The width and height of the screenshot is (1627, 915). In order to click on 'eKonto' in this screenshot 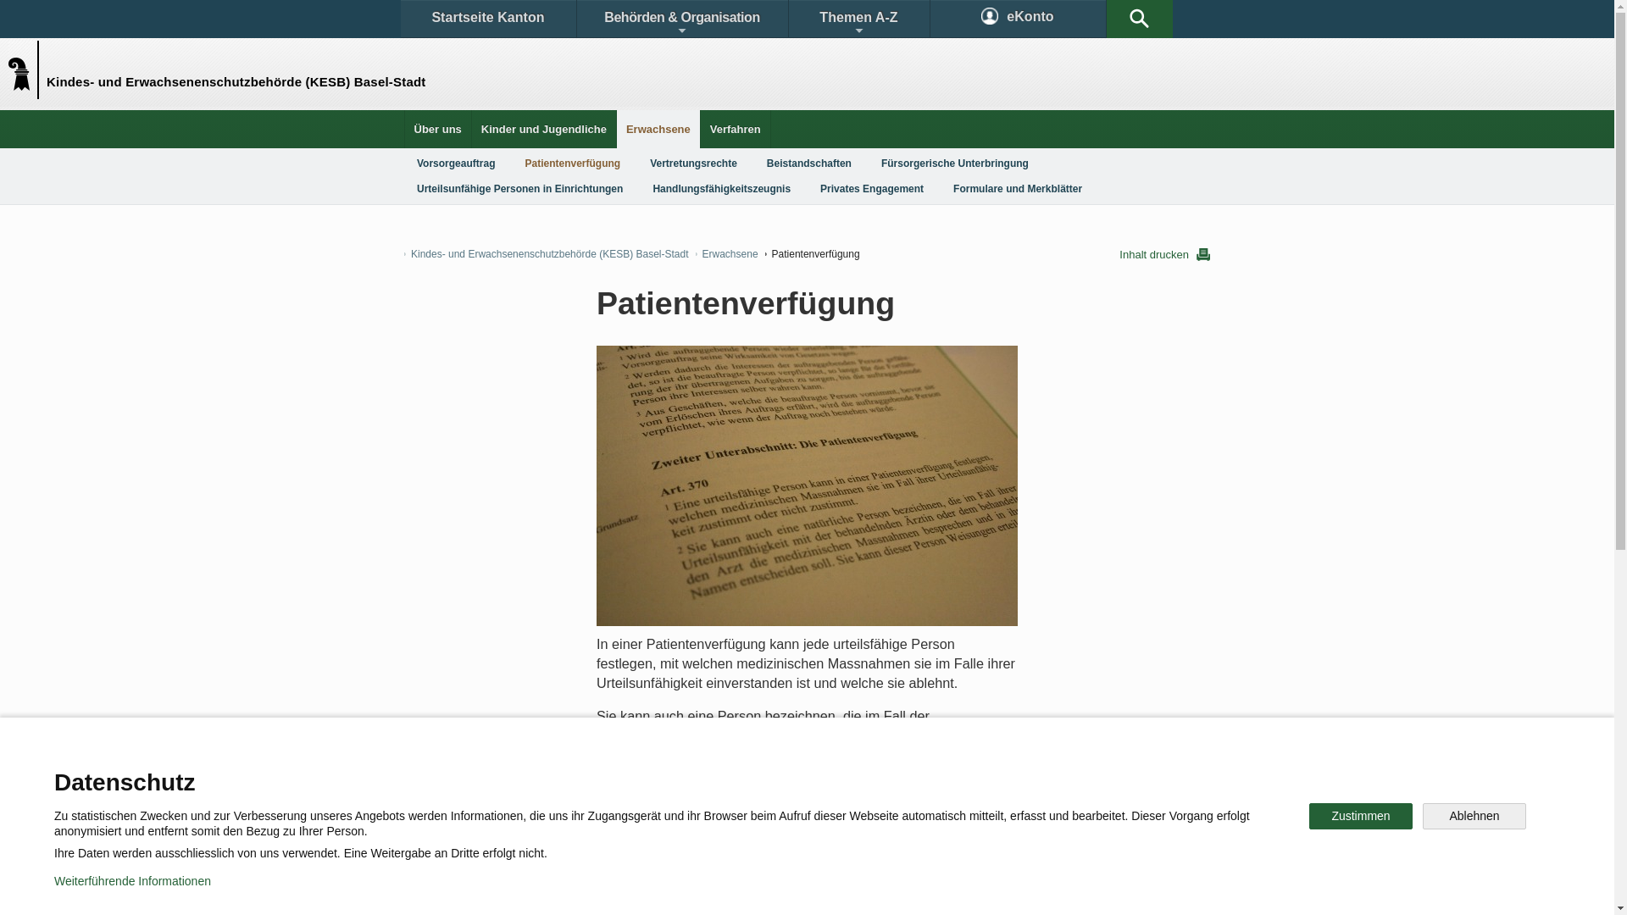, I will do `click(1017, 19)`.